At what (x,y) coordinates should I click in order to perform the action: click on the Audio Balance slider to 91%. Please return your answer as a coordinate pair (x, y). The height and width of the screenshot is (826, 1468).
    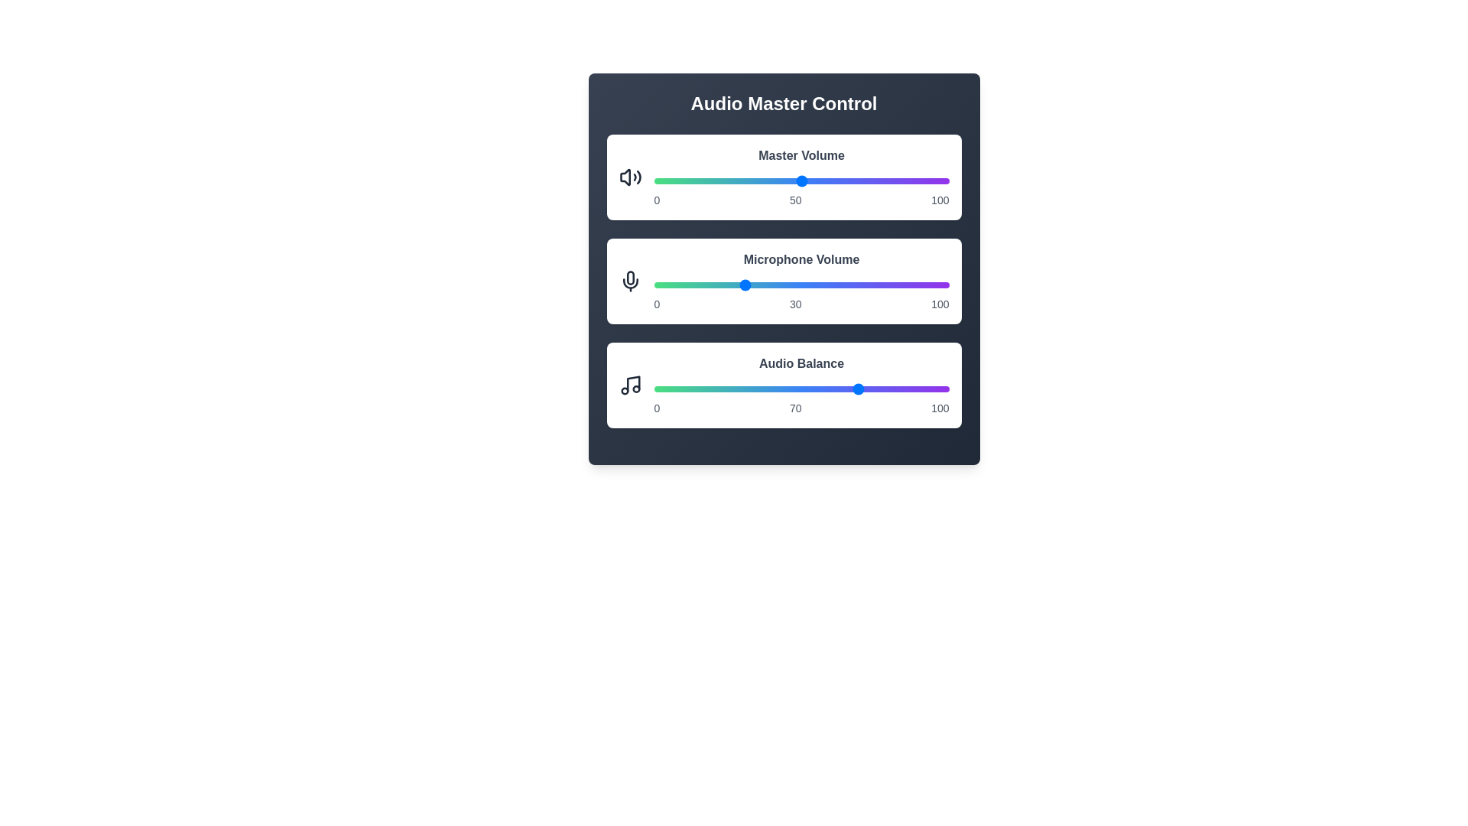
    Looking at the image, I should click on (921, 389).